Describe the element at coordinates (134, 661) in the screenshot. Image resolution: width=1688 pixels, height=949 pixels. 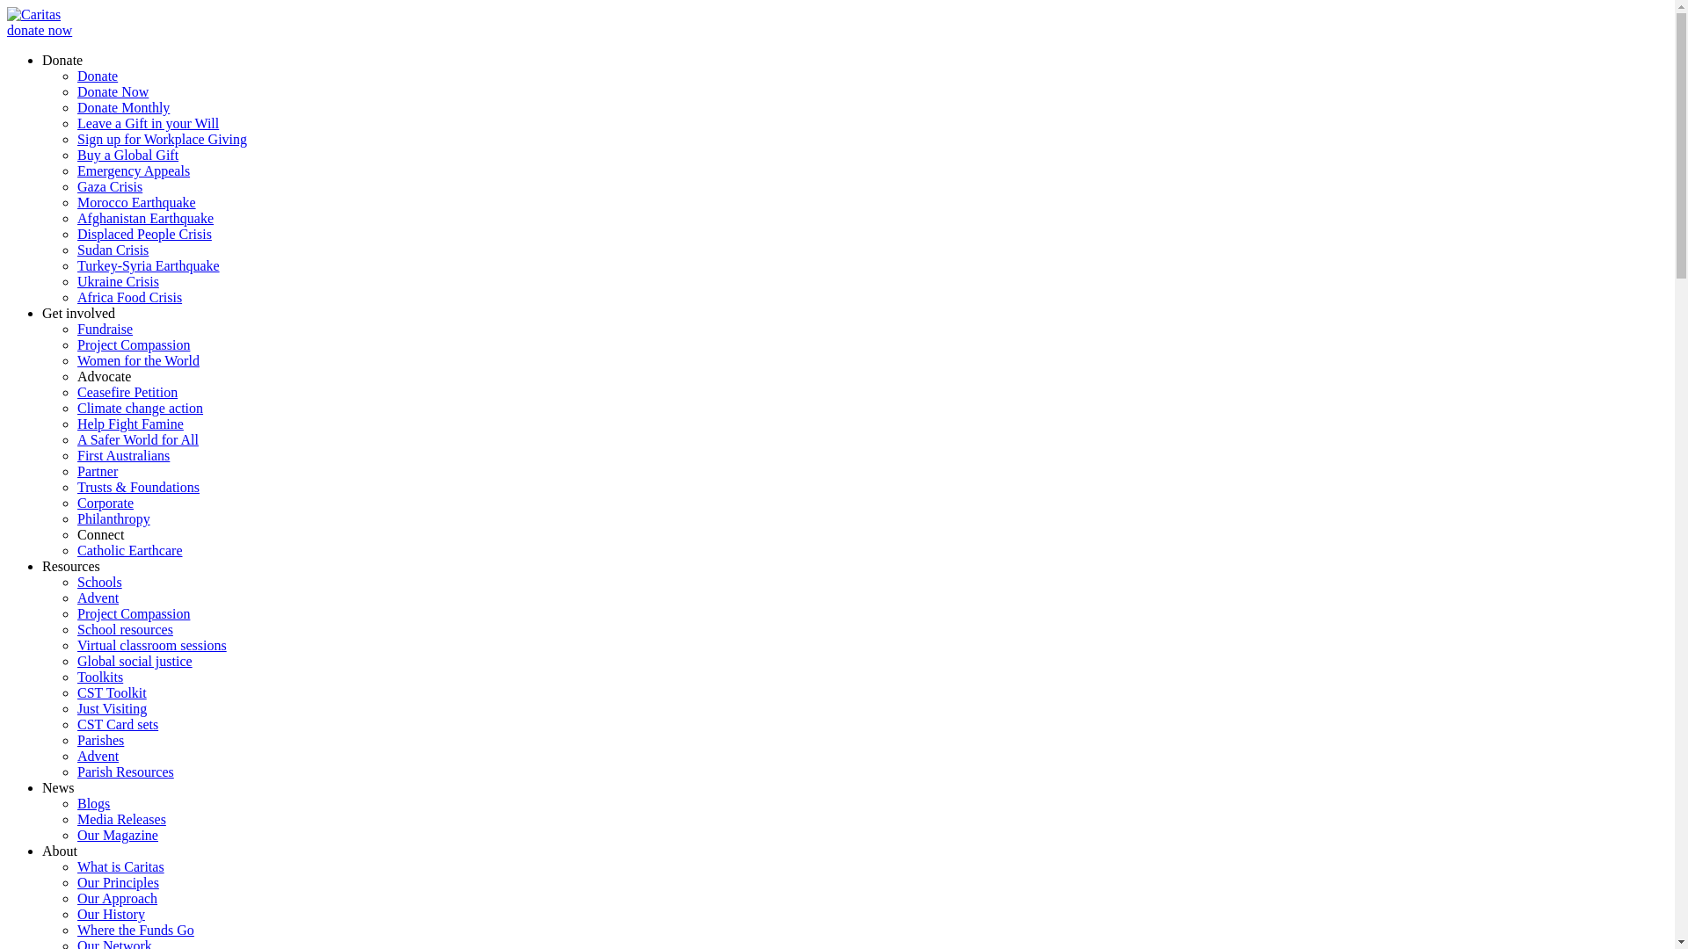
I see `'Global social justice'` at that location.